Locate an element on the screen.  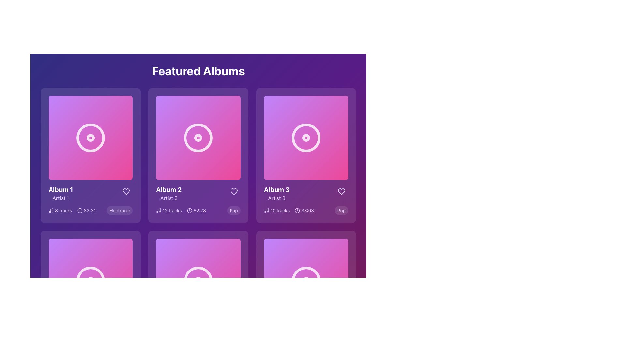
the music note icon located in the second column of the first row of the album details grid, which is positioned directly to the left of the '12 tracks' text is located at coordinates (159, 211).